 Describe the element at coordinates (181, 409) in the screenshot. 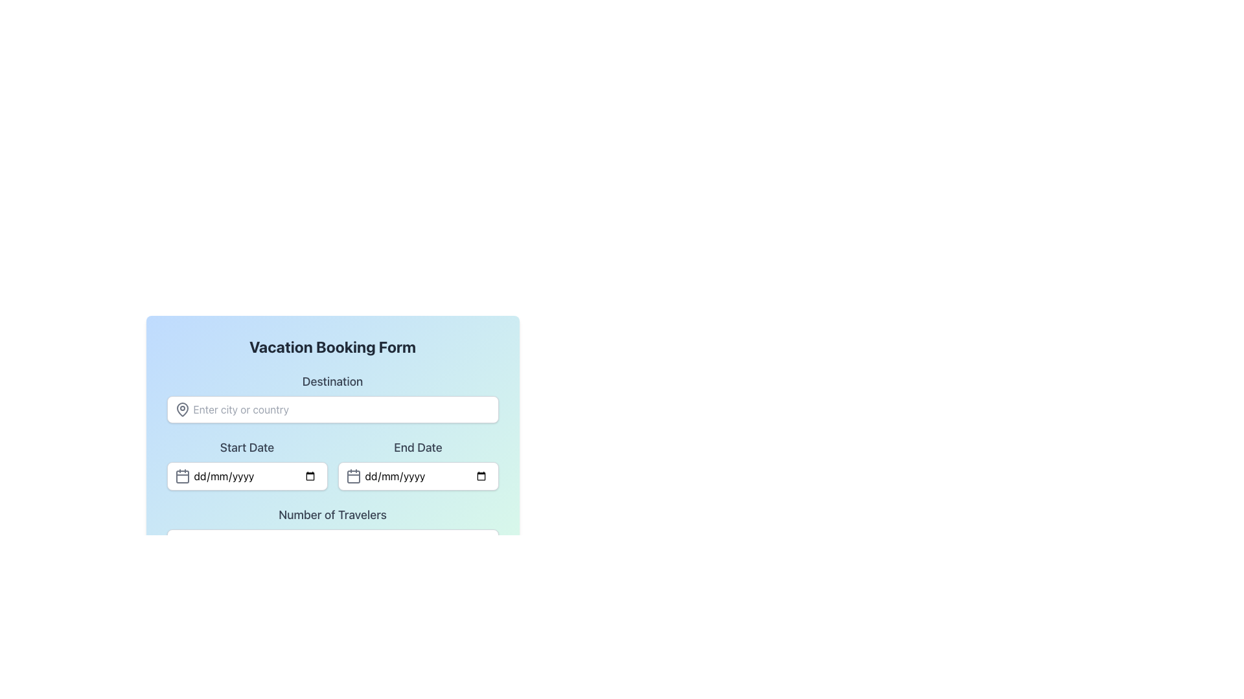

I see `the icon located at the leftmost portion of the destination text input field in the vacation booking form` at that location.